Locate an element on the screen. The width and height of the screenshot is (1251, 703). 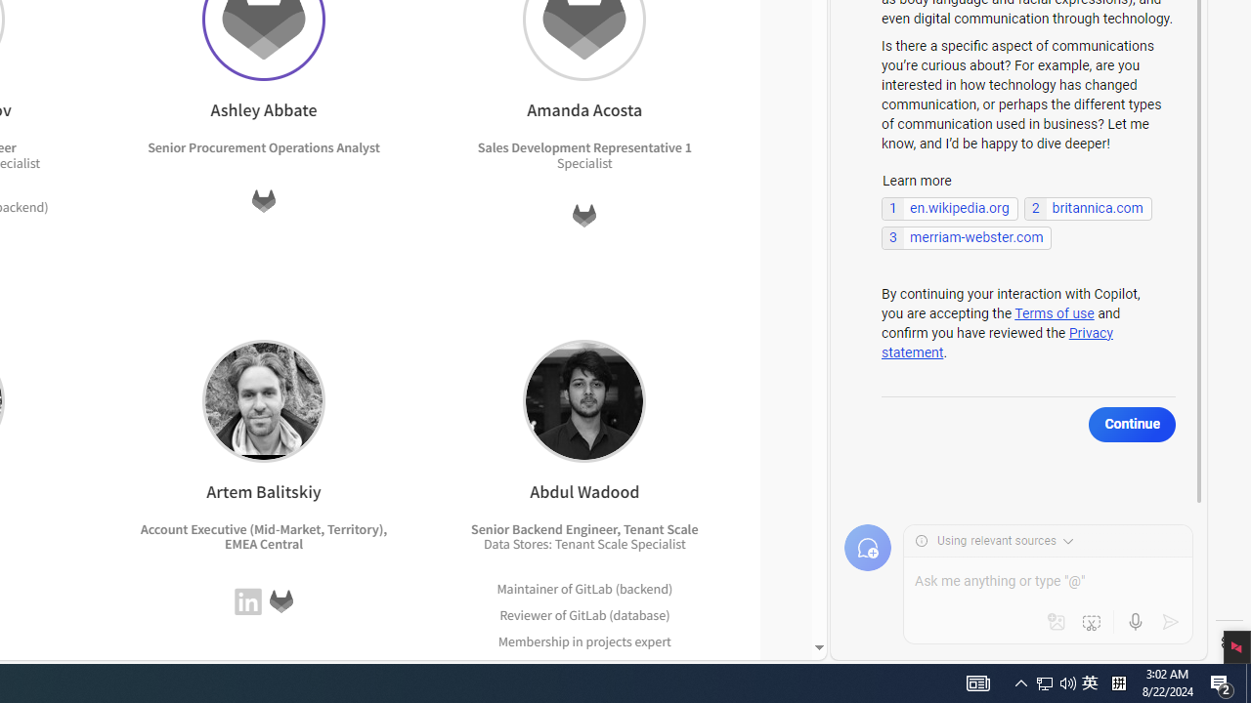
'Reviewer of GitLab (database)' is located at coordinates (583, 613).